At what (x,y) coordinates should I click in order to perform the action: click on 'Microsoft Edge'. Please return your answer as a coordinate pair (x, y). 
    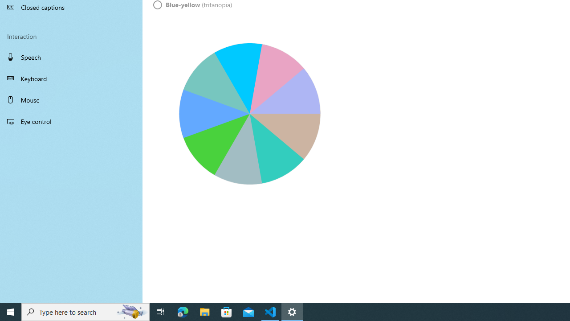
    Looking at the image, I should click on (183, 311).